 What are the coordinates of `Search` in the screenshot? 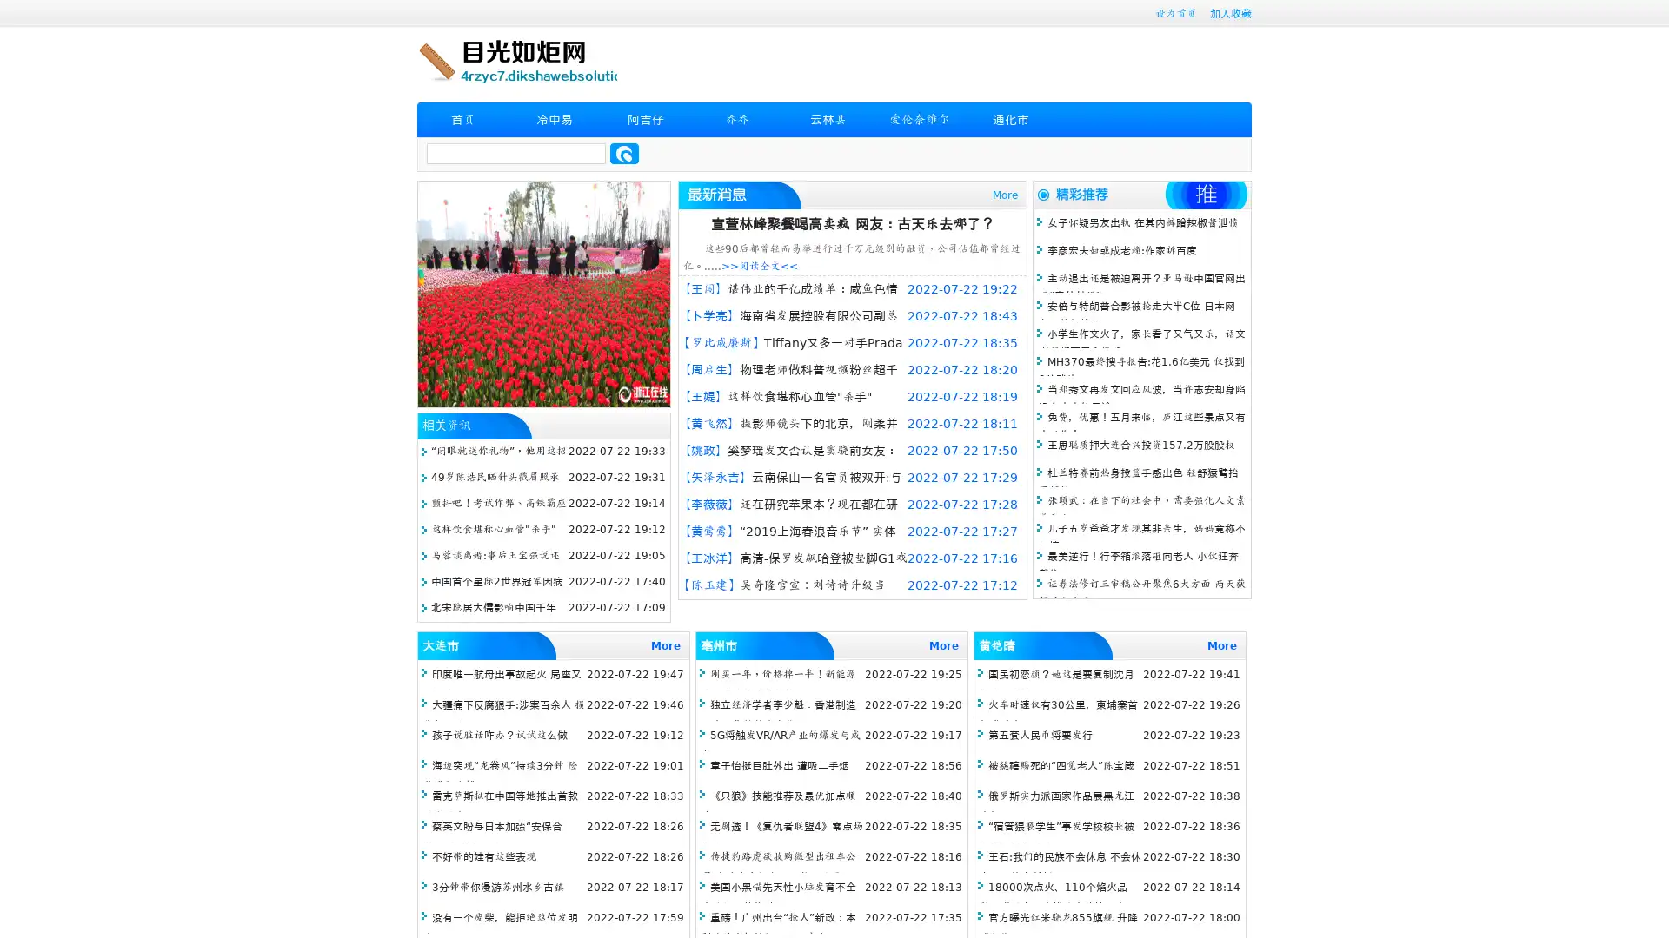 It's located at (624, 153).